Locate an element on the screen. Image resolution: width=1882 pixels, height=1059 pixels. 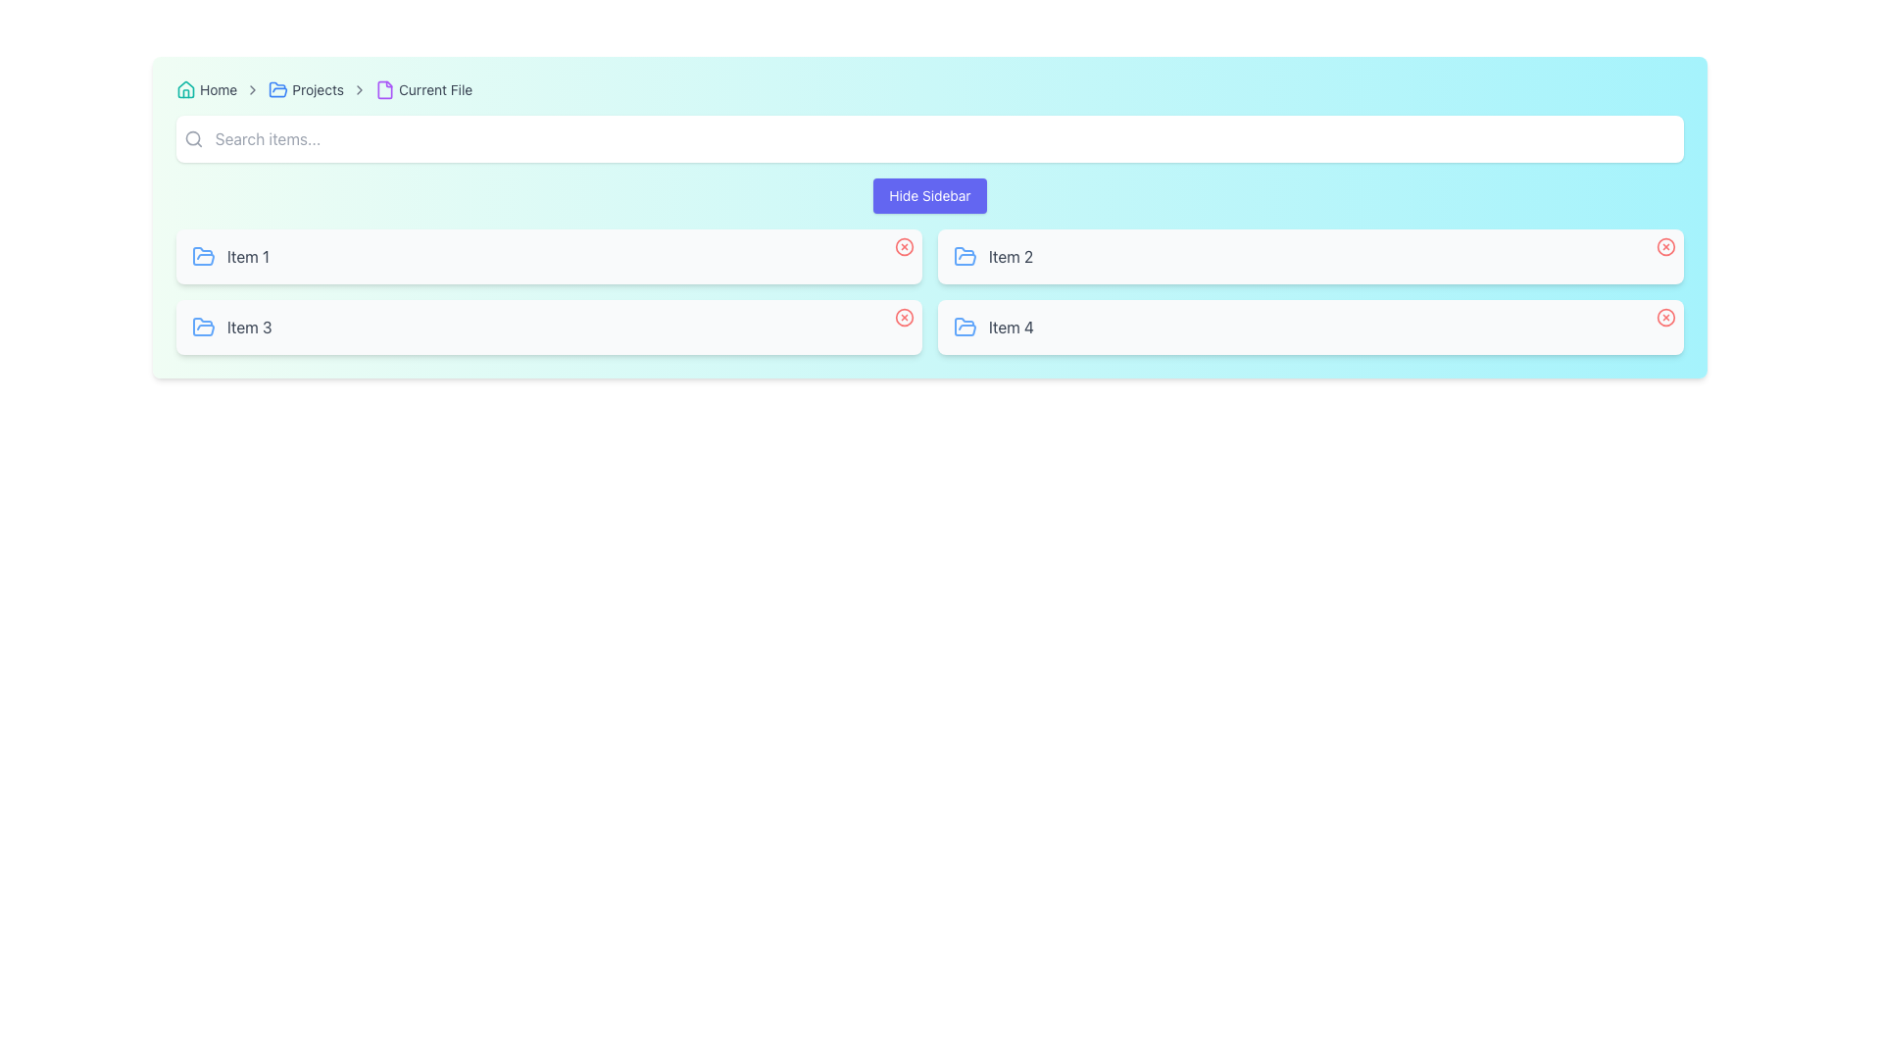
the folder icon with a blue stroke located to the left of the 'Item 3' text label is located at coordinates (203, 327).